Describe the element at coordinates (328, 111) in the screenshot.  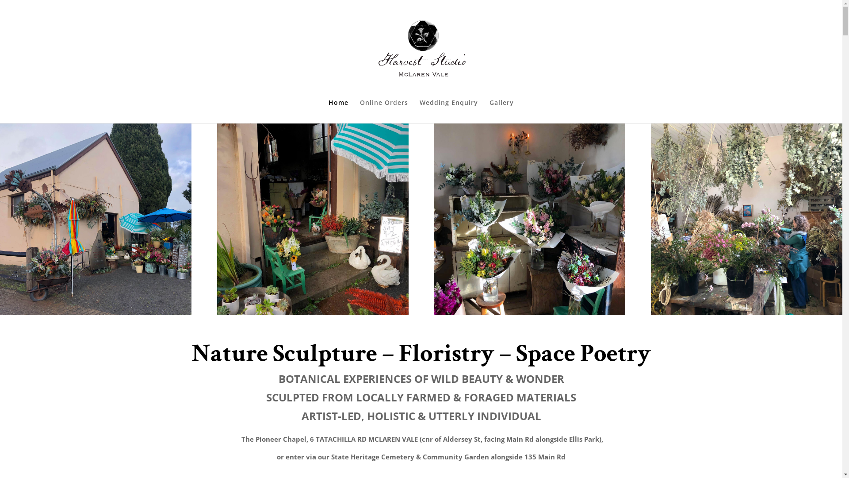
I see `'Home'` at that location.